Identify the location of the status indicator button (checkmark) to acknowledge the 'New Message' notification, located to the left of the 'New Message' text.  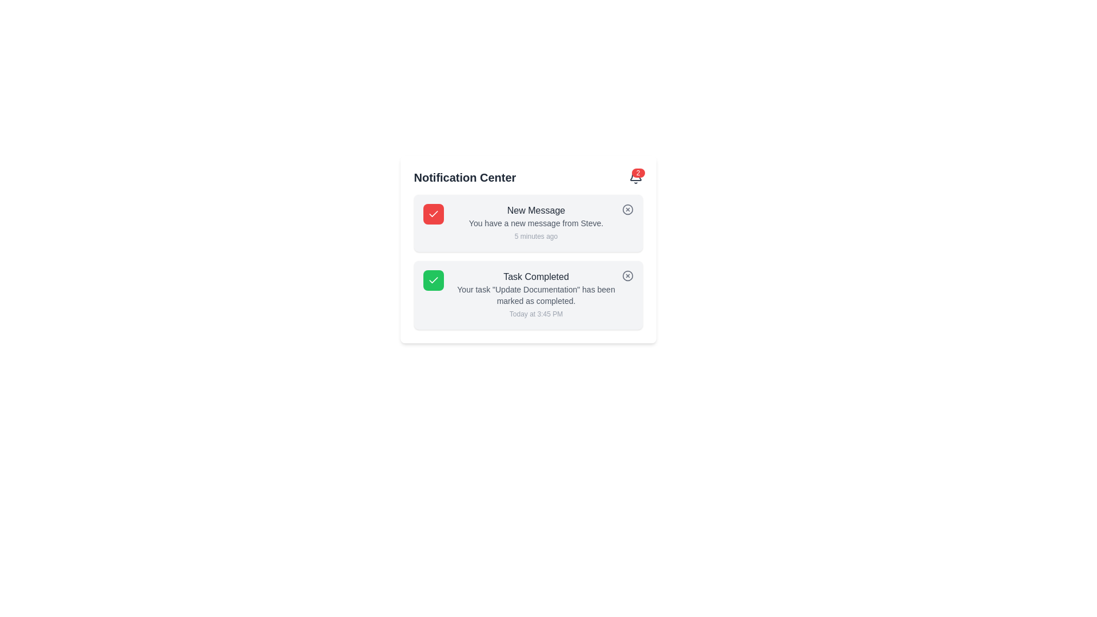
(433, 214).